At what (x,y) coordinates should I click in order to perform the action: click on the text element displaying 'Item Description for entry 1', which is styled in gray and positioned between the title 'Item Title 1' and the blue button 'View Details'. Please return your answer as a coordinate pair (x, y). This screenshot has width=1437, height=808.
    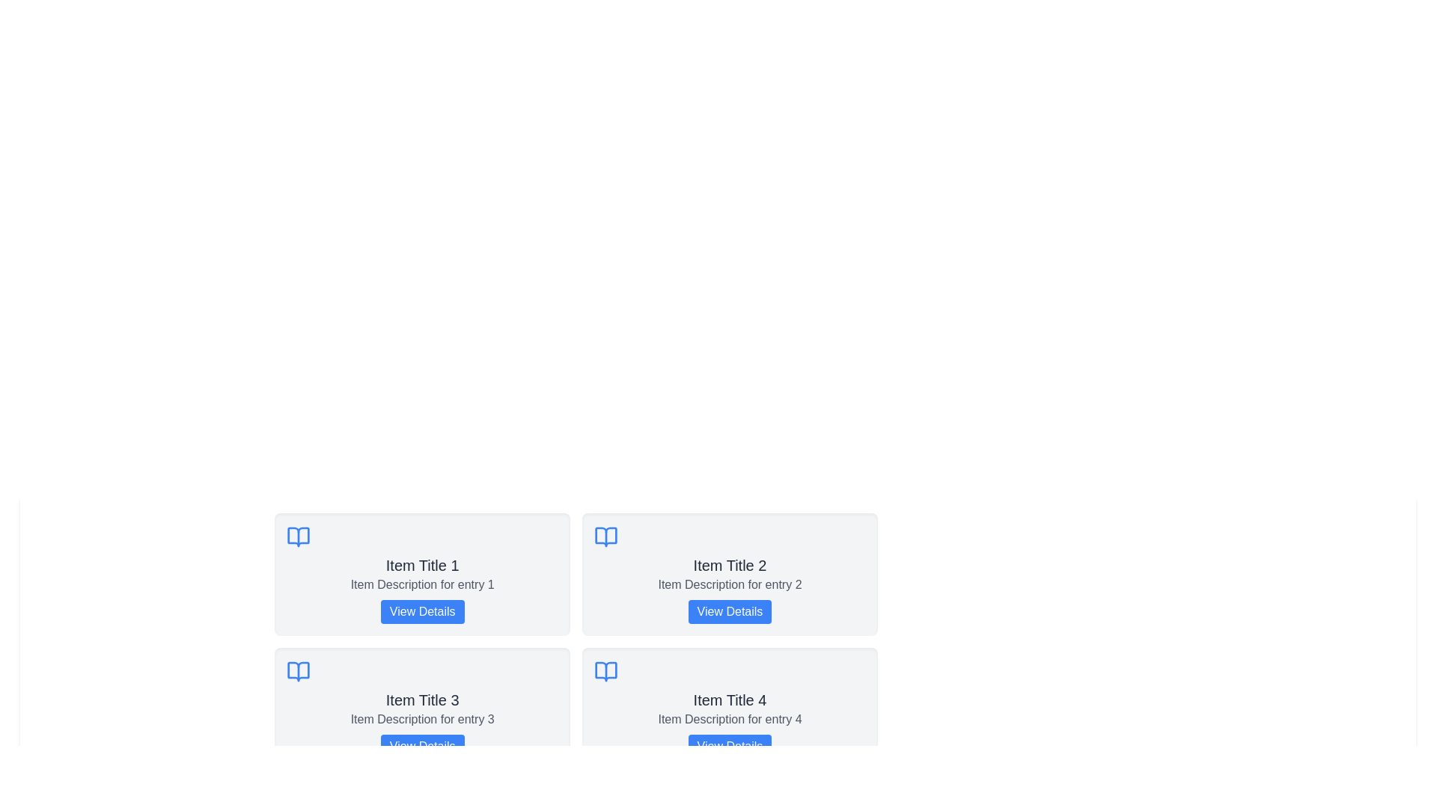
    Looking at the image, I should click on (421, 584).